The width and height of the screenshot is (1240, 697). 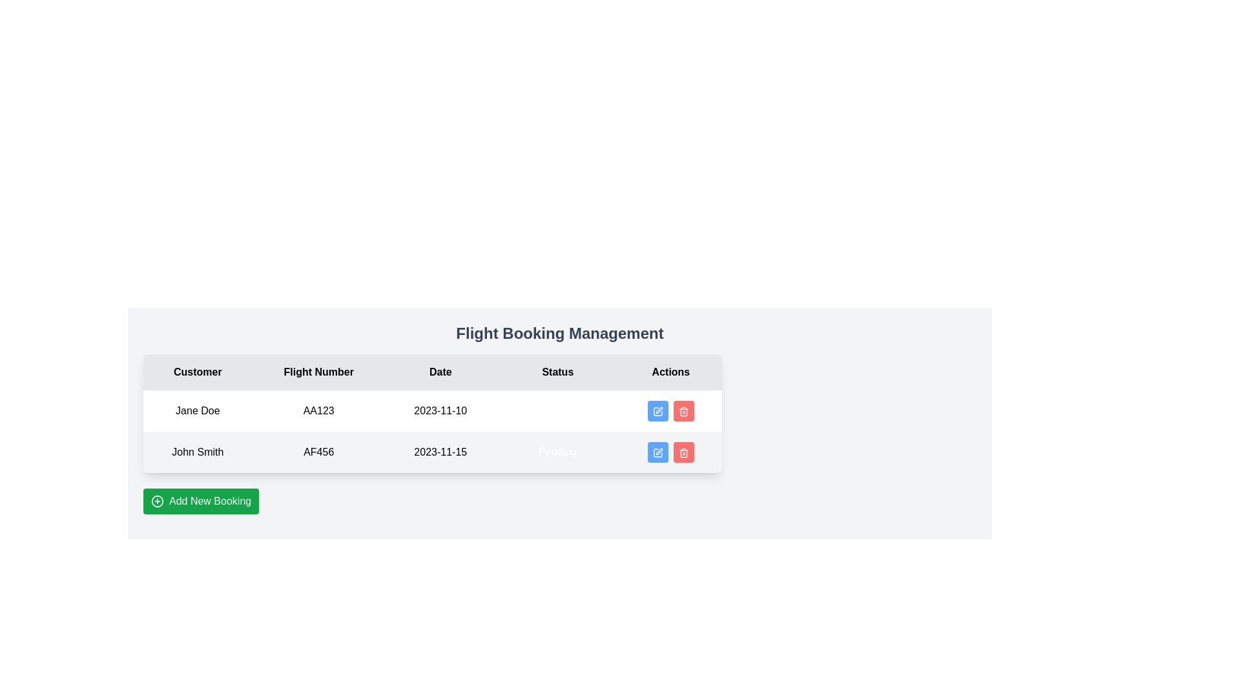 What do you see at coordinates (657, 452) in the screenshot?
I see `the edit icon located in the second row under the 'Actions' column in the 'Flight Booking Management' table to initiate an edit action` at bounding box center [657, 452].